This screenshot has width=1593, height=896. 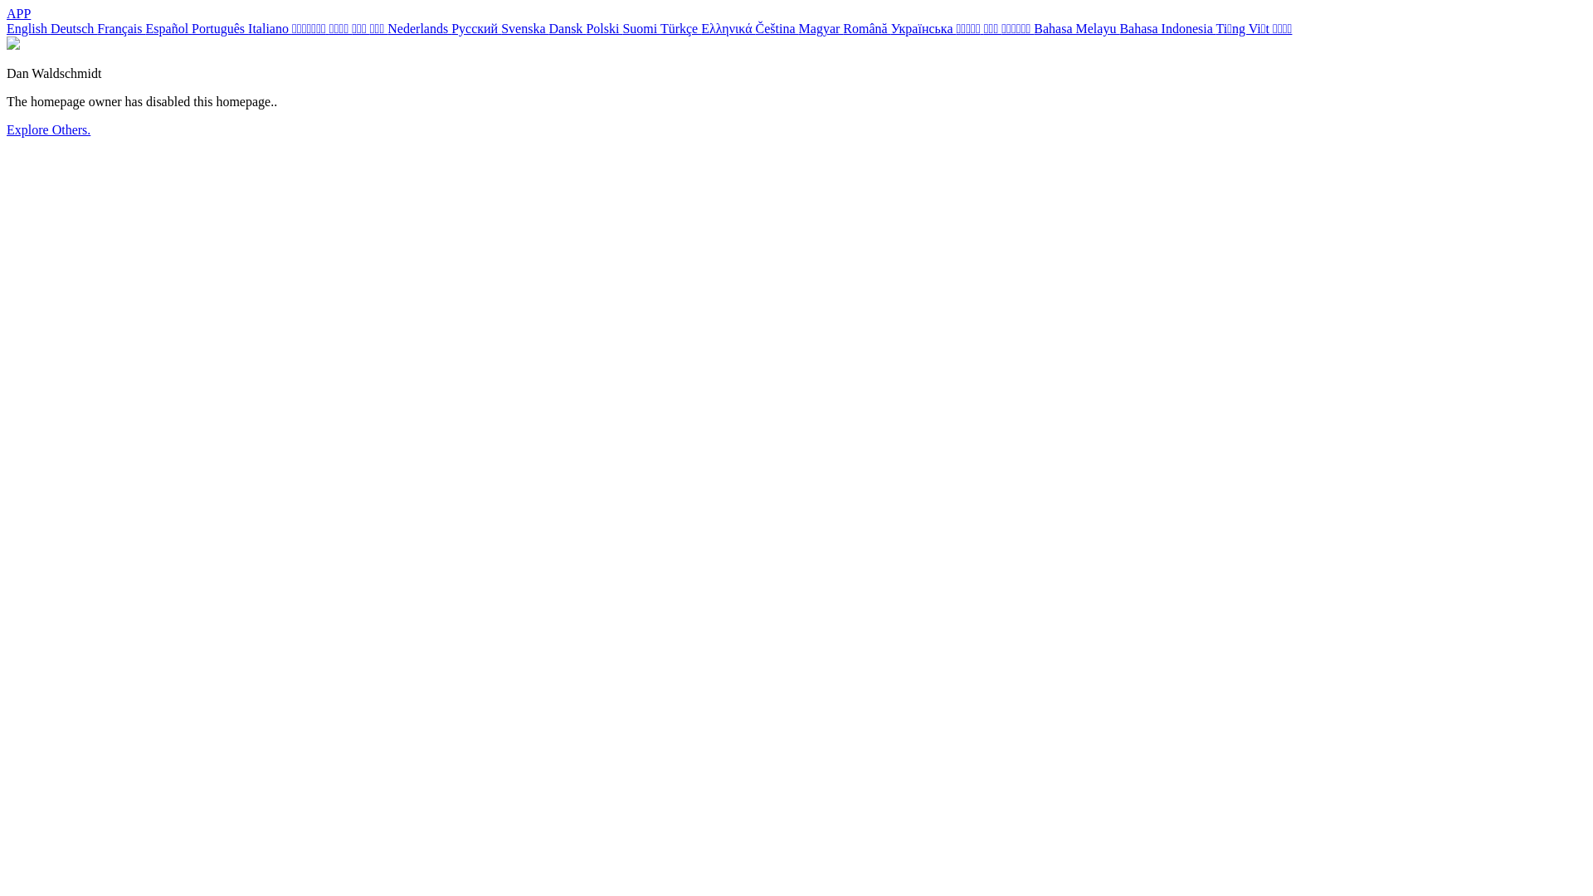 What do you see at coordinates (246, 28) in the screenshot?
I see `'Italiano'` at bounding box center [246, 28].